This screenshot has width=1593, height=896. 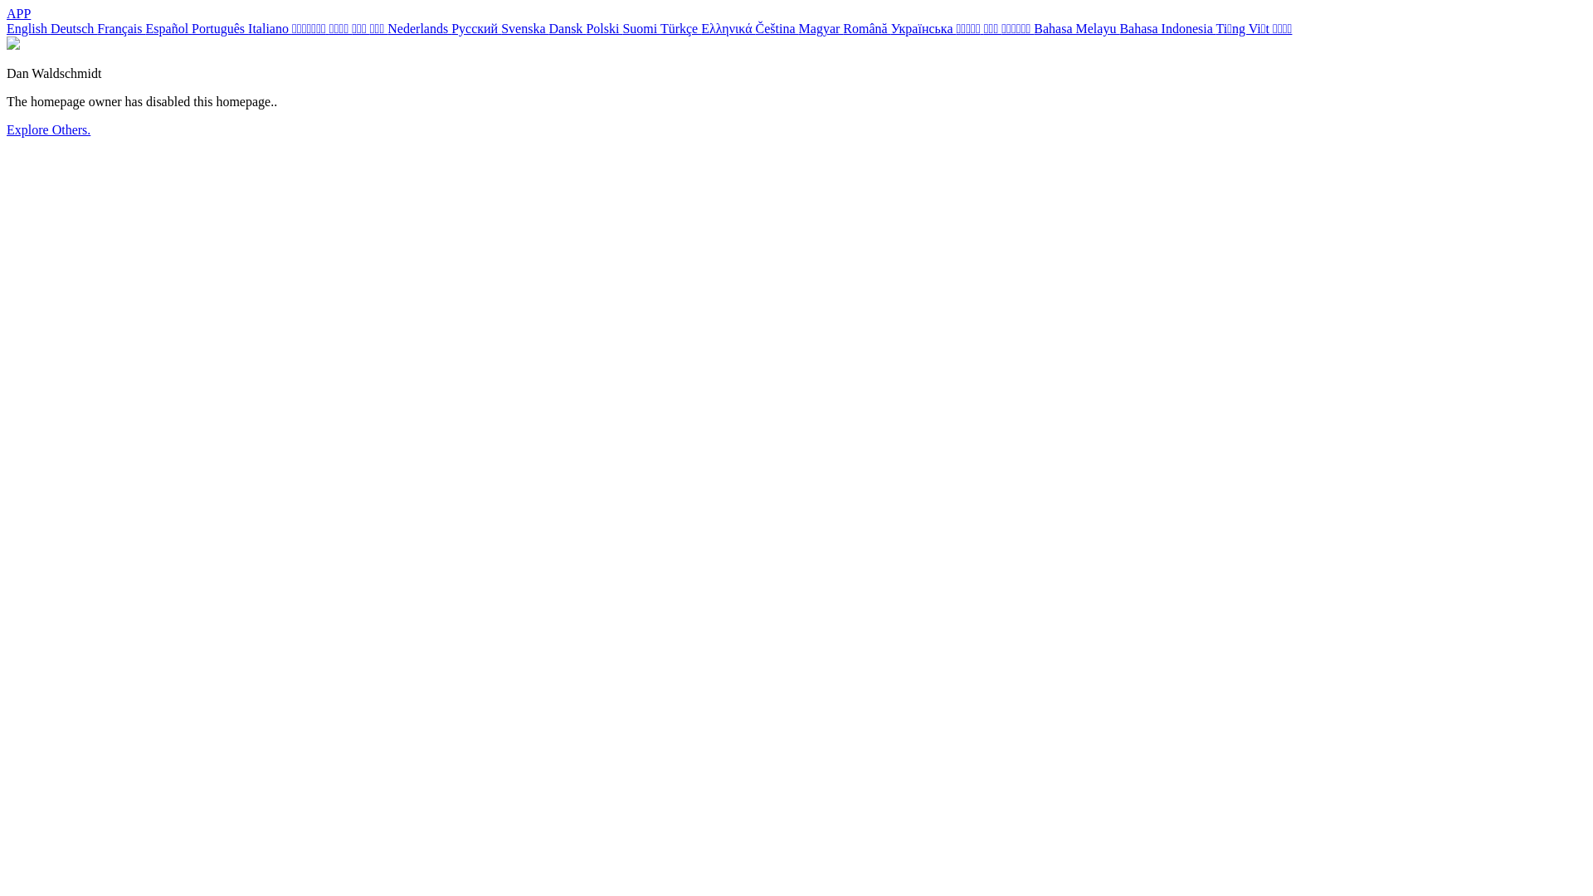 What do you see at coordinates (246, 28) in the screenshot?
I see `'Italiano'` at bounding box center [246, 28].